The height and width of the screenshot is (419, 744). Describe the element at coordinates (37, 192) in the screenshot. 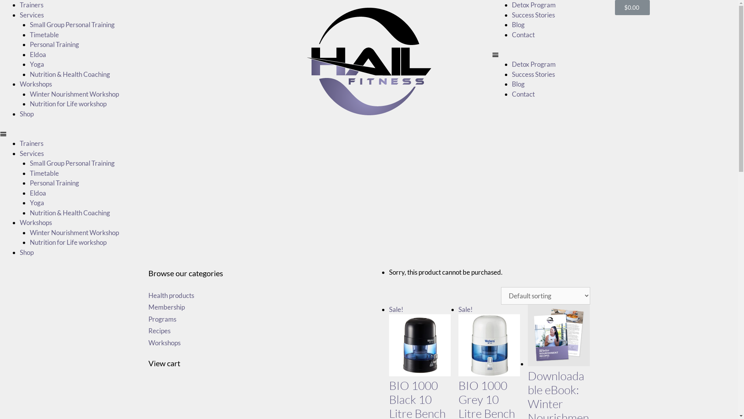

I see `'Eldoa'` at that location.